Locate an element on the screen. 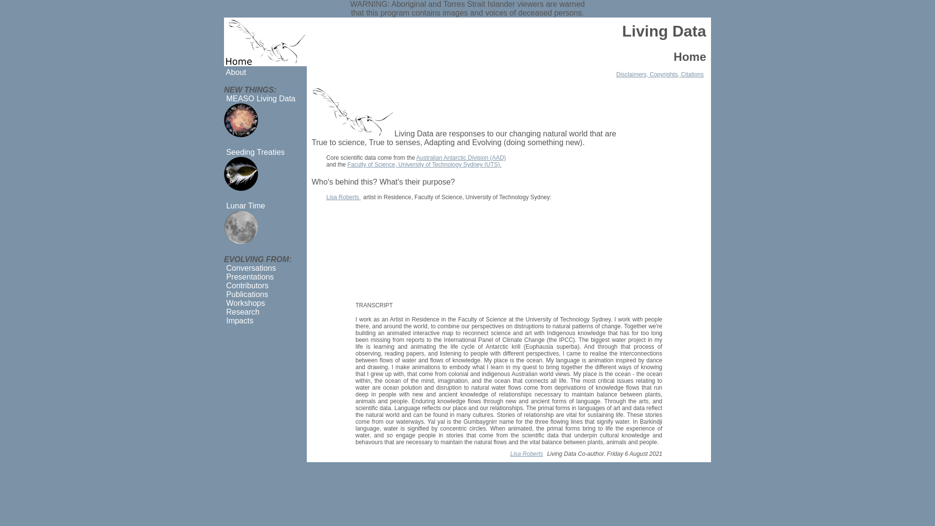 The image size is (935, 526). 'Lunar Time' is located at coordinates (241, 227).